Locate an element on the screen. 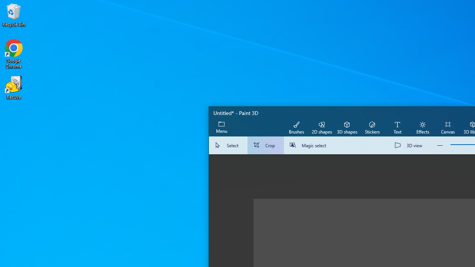 The width and height of the screenshot is (475, 267). 'Zoom out' is located at coordinates (440, 145).